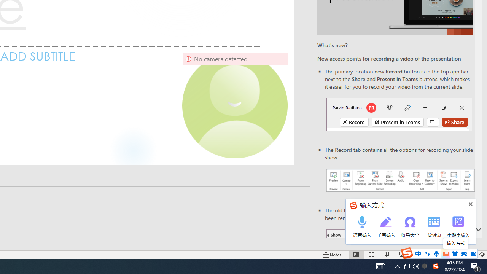 The image size is (487, 274). Describe the element at coordinates (400, 180) in the screenshot. I see `'Record your presentations screenshot one'` at that location.